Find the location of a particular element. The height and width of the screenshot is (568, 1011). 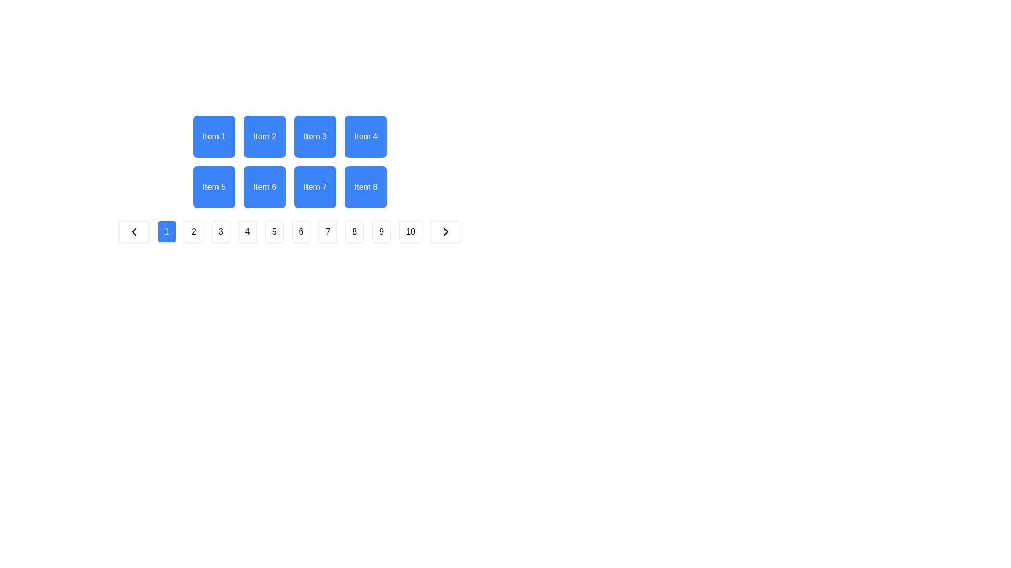

the Button-like UI component located in the second row and third column of the grid layout, which represents an item in a selection or navigation grid is located at coordinates (315, 186).